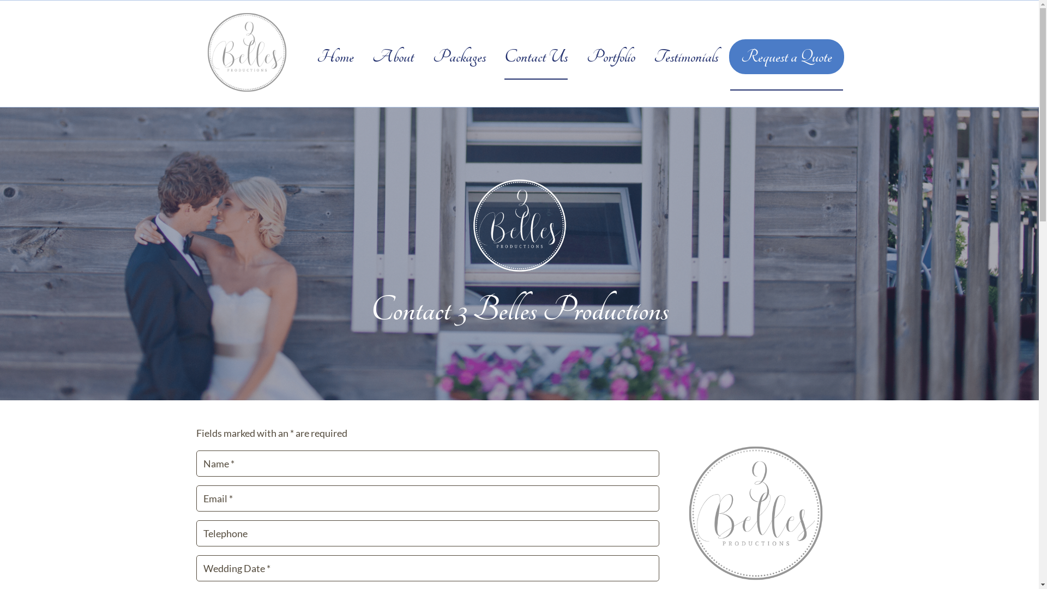 This screenshot has width=1047, height=589. What do you see at coordinates (334, 57) in the screenshot?
I see `'Home'` at bounding box center [334, 57].